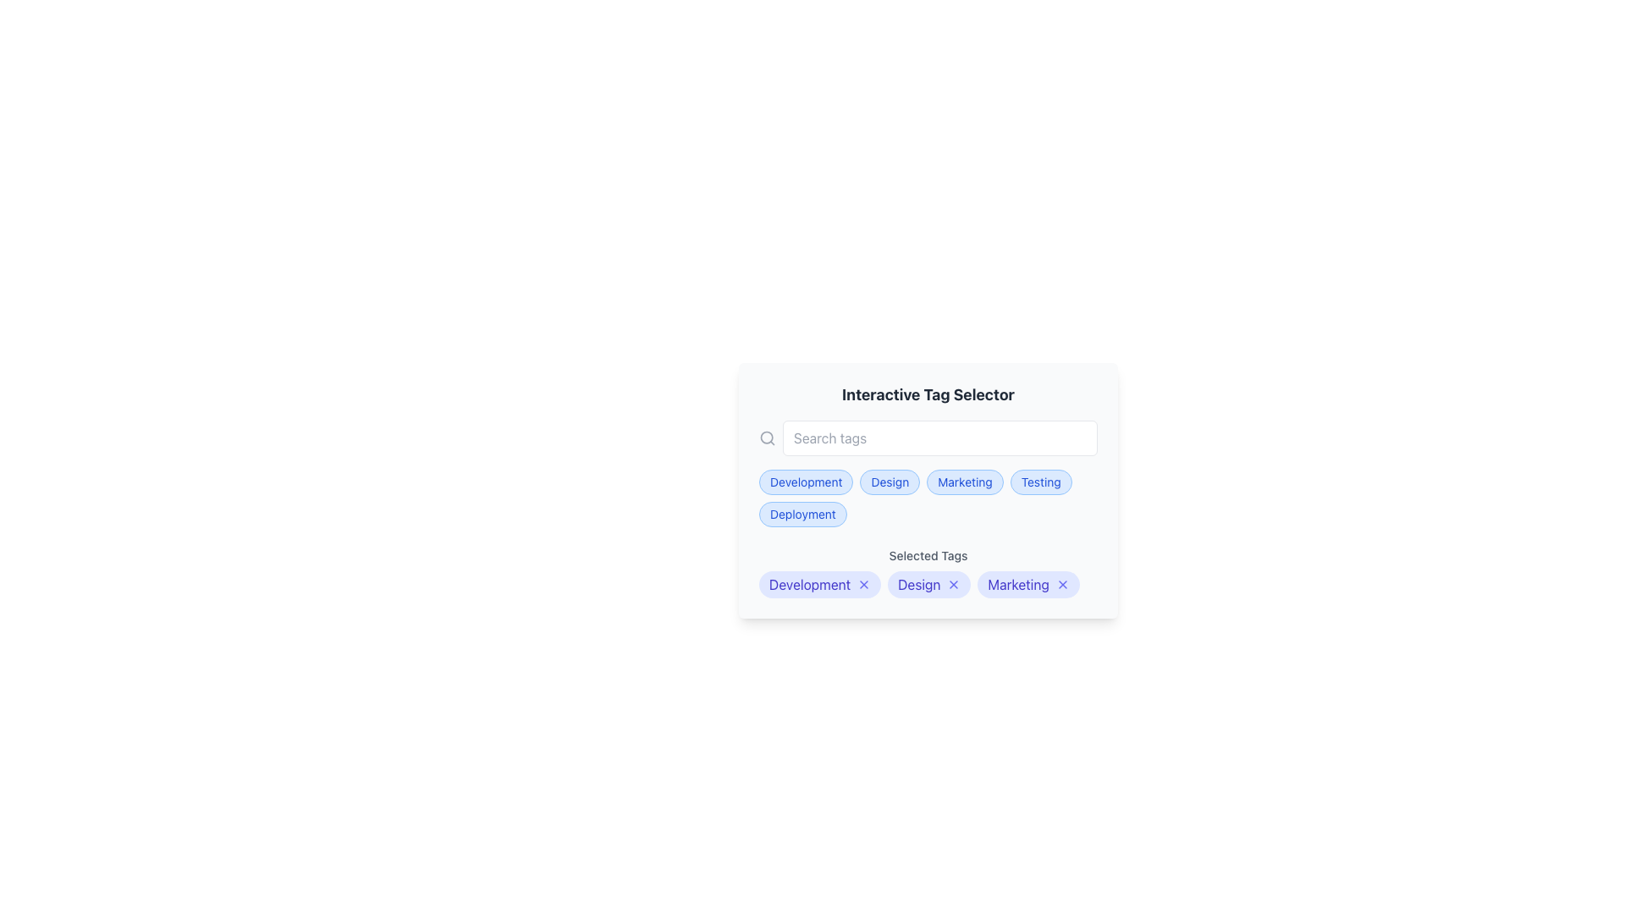 The height and width of the screenshot is (914, 1625). What do you see at coordinates (954, 583) in the screenshot?
I see `the close button located at the end of the 'Design' tag` at bounding box center [954, 583].